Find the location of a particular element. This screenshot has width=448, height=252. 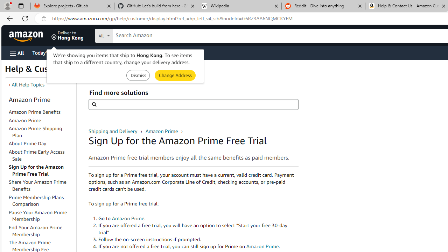

'Open Menu' is located at coordinates (17, 52).